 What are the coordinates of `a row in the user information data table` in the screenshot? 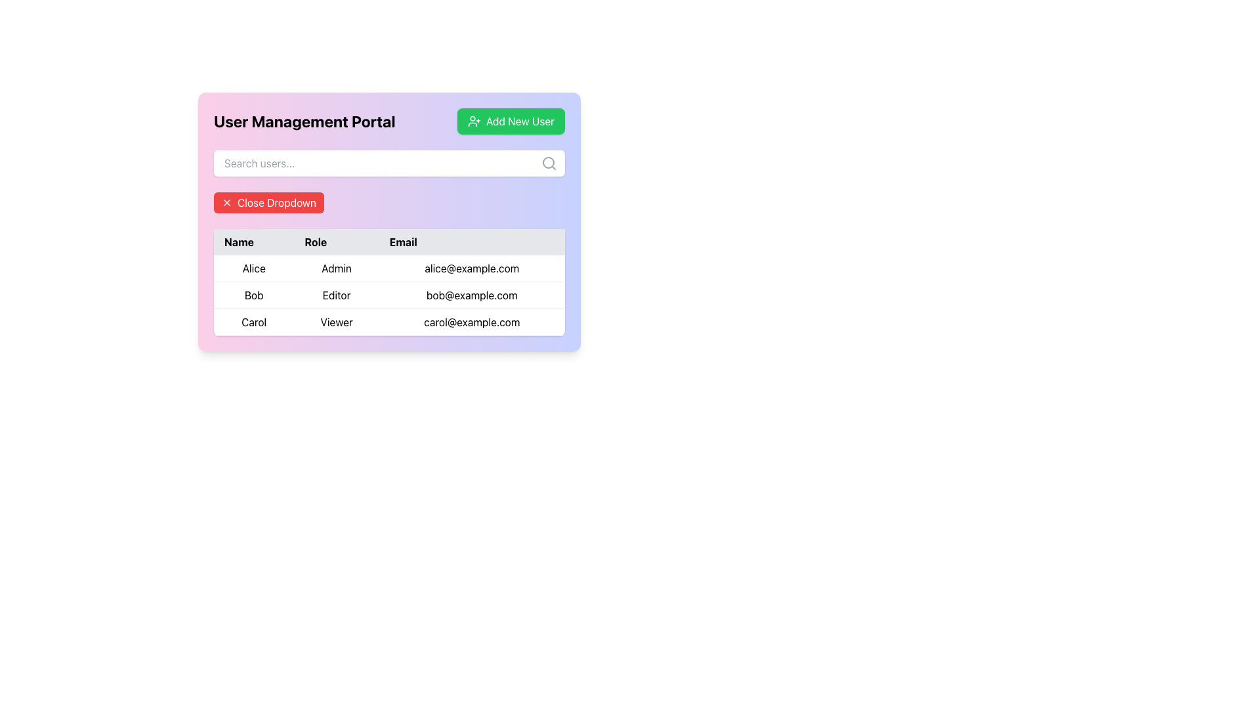 It's located at (388, 282).